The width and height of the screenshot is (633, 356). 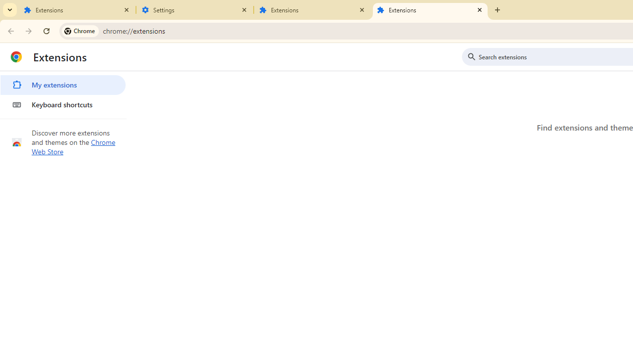 I want to click on 'AutomationID: sectionMenu', so click(x=63, y=92).